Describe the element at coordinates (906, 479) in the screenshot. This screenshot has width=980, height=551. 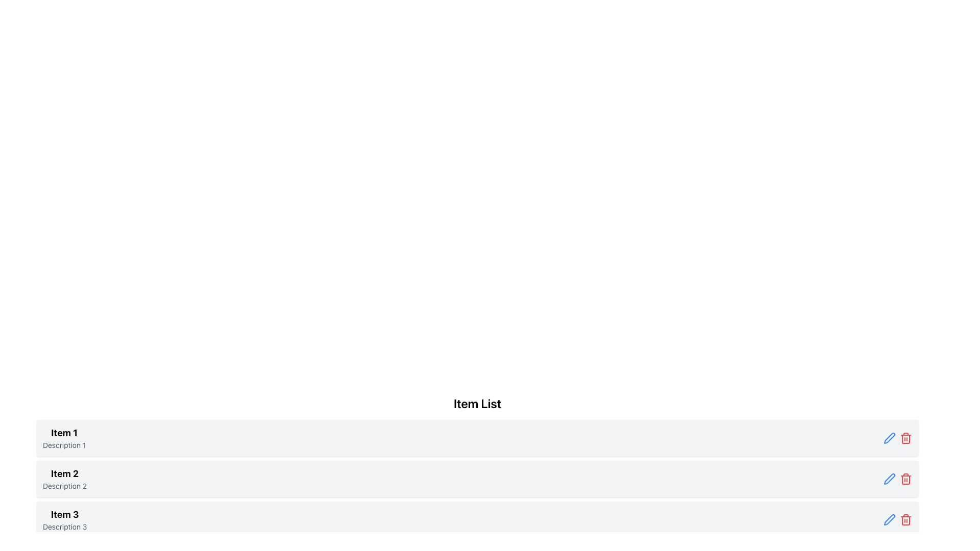
I see `the trash bin icon, which is a red delete button located at the right end of the third item in a list, using keyboard navigation` at that location.